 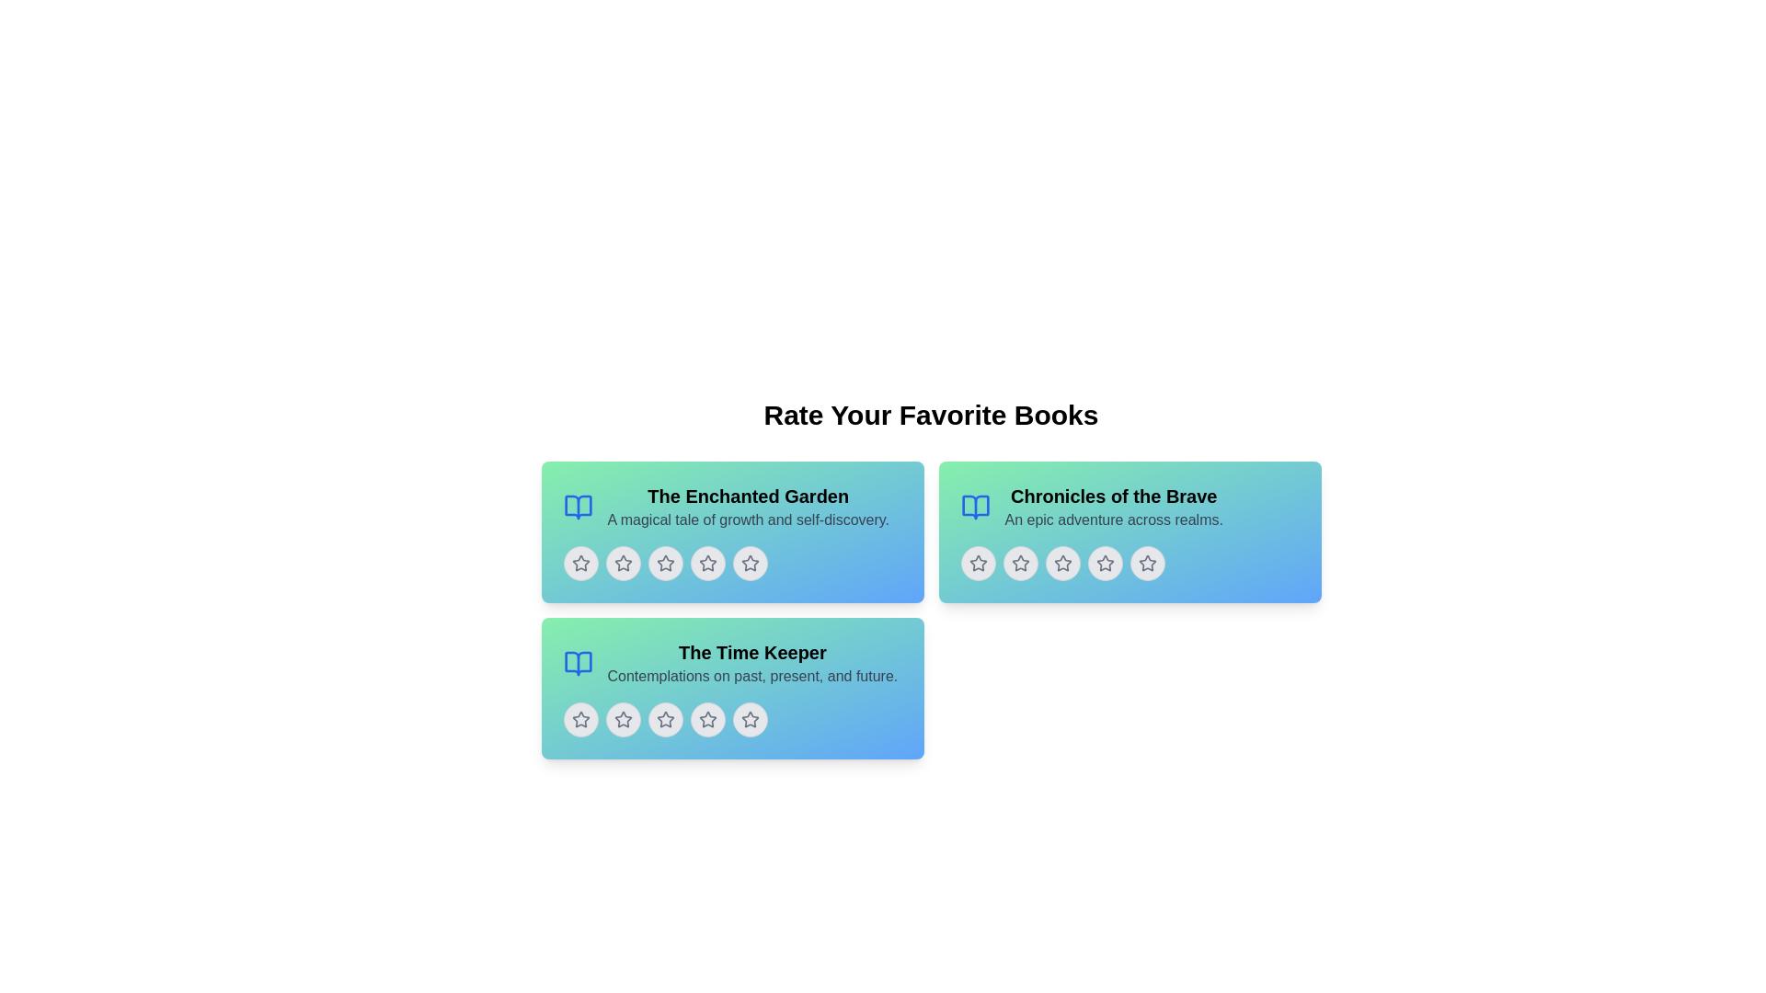 I want to click on the circular button with a gray border and light gray background that encloses a star icon, located in the first row and first card labeled 'The Enchanted Garden', which is the second button from the left among five rating buttons, so click(x=623, y=563).